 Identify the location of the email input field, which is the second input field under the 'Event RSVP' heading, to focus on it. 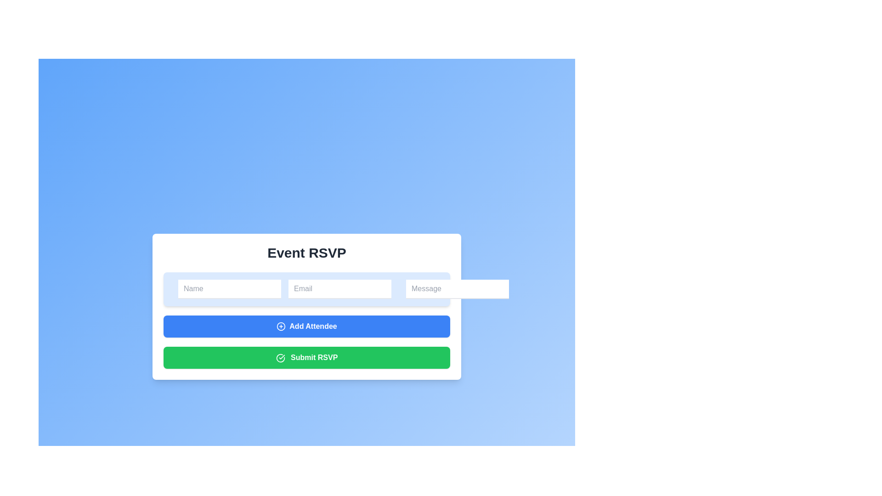
(306, 288).